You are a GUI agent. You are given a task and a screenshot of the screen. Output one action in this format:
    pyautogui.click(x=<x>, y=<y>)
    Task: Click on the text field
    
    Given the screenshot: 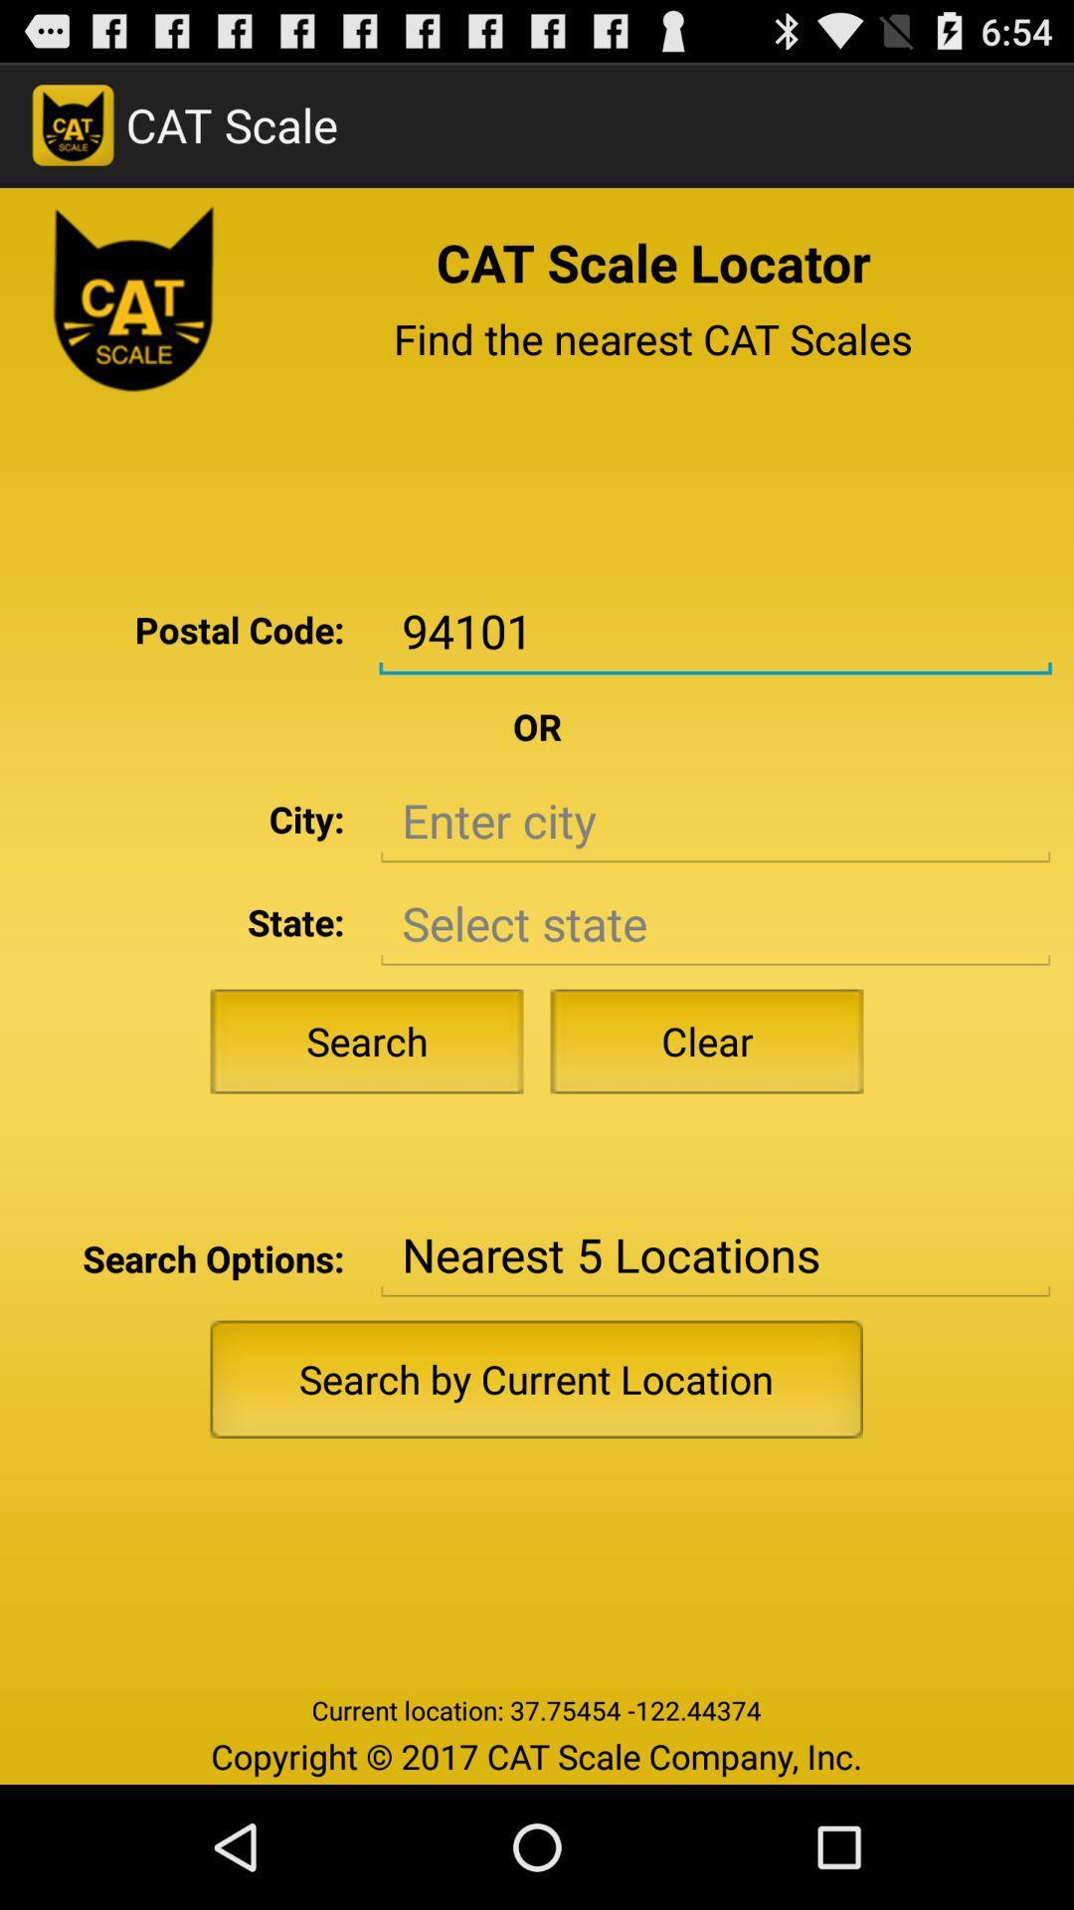 What is the action you would take?
    pyautogui.click(x=714, y=821)
    